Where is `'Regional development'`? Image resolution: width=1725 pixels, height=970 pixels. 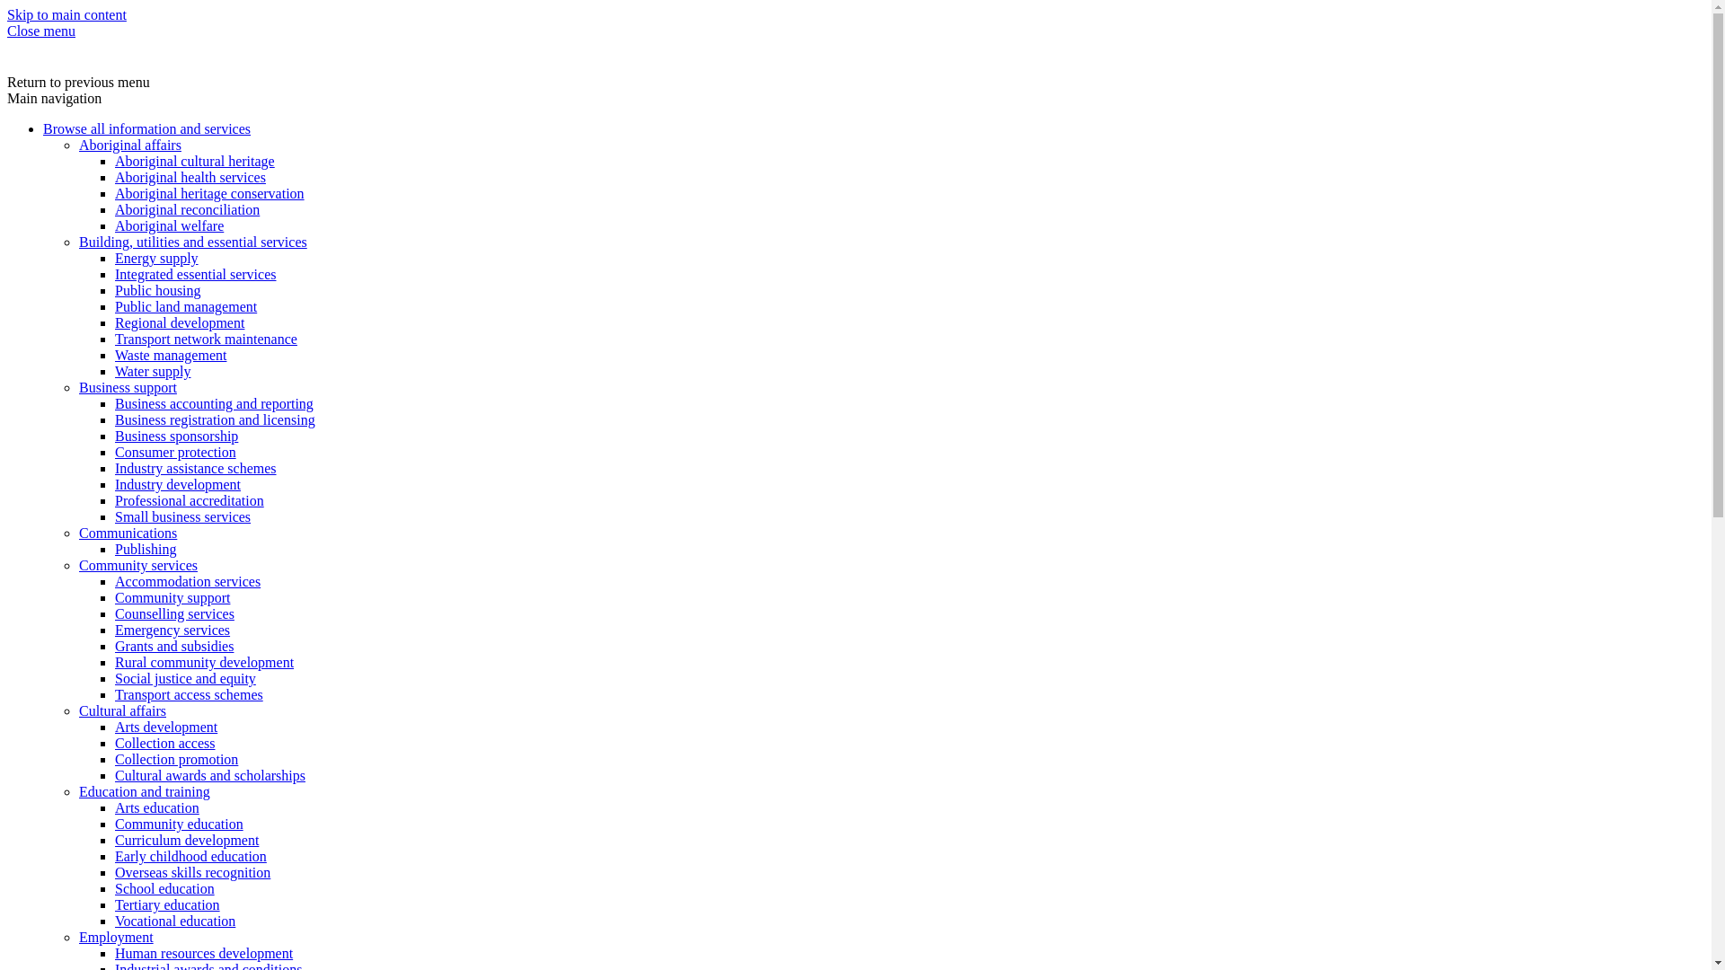
'Regional development' is located at coordinates (180, 322).